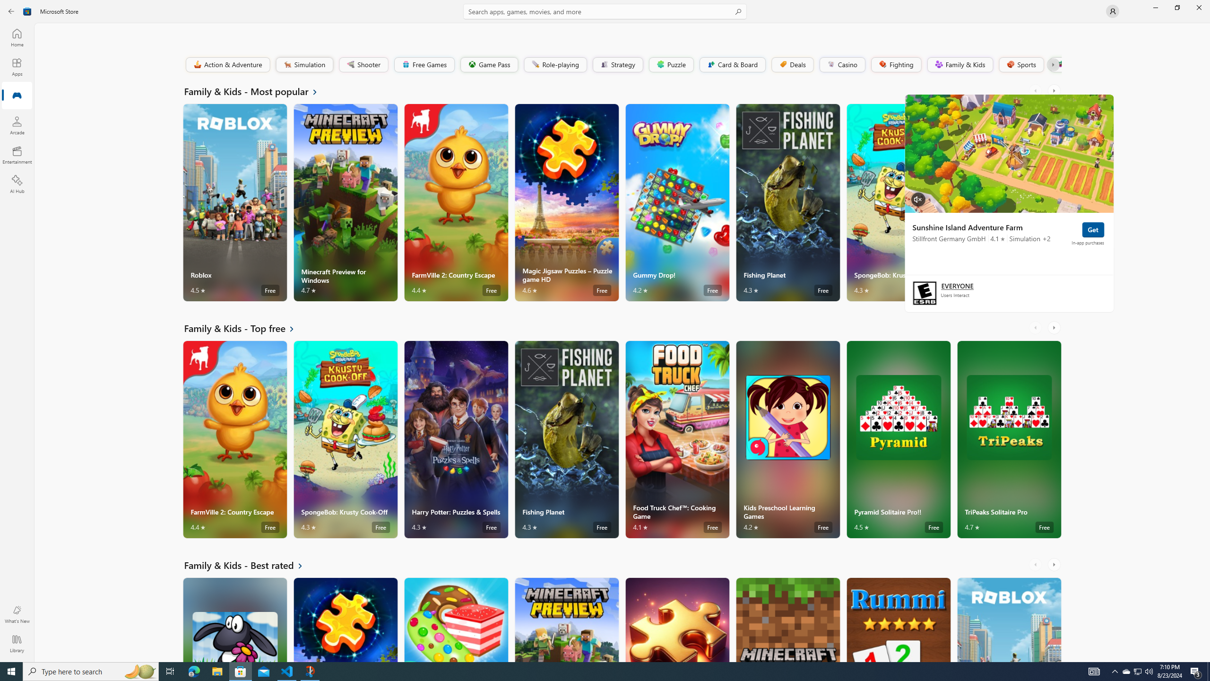  Describe the element at coordinates (1177, 7) in the screenshot. I see `'Restore Microsoft Store'` at that location.